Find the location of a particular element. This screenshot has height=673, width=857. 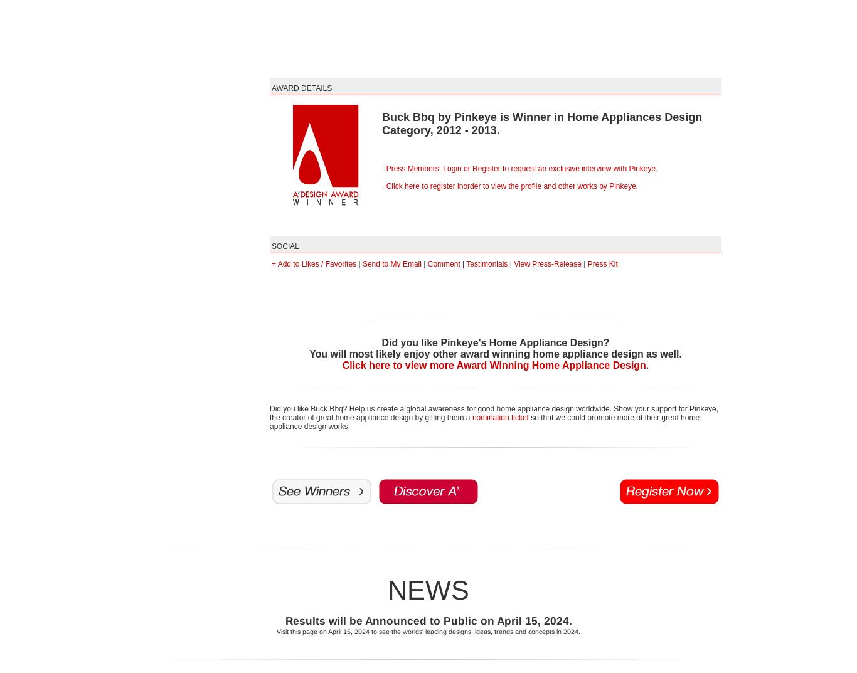

'Comment' is located at coordinates (426, 264).